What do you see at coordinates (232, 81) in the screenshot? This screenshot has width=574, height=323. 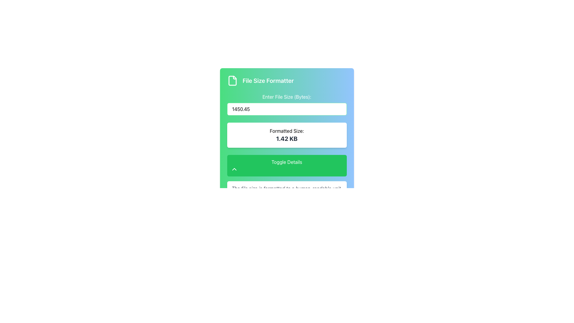 I see `the green file document icon with a folded corner, located near the top-left of the interface next to the 'File Size Formatter' label` at bounding box center [232, 81].